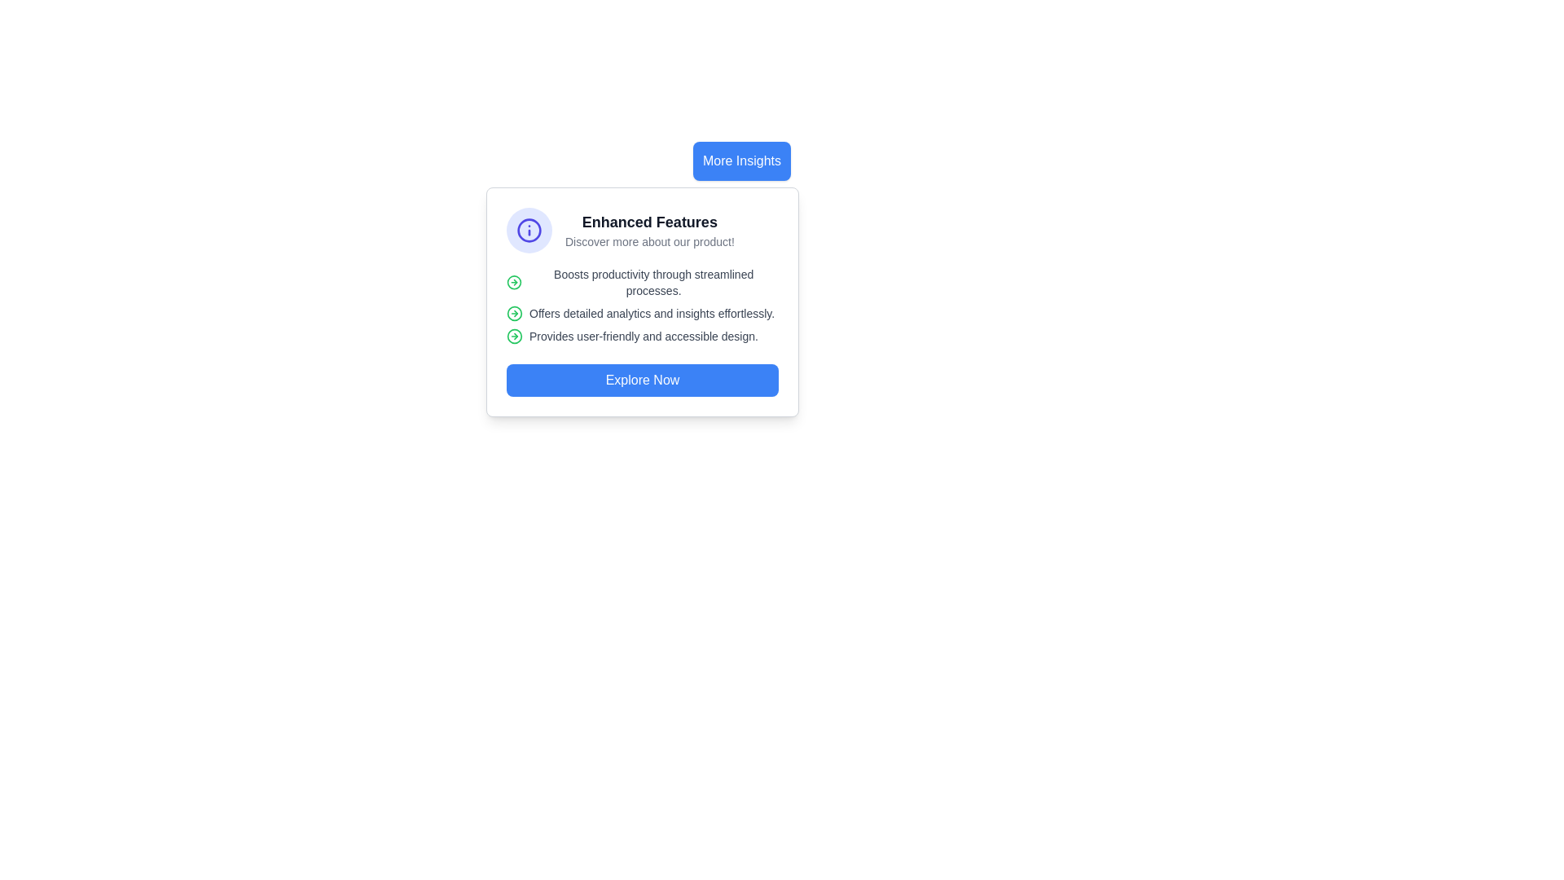 The width and height of the screenshot is (1564, 880). I want to click on the static text displaying 'Discover more about our product!' that is styled in gray and positioned below the title 'Enhanced Features' within a white rectangular card, so click(648, 242).